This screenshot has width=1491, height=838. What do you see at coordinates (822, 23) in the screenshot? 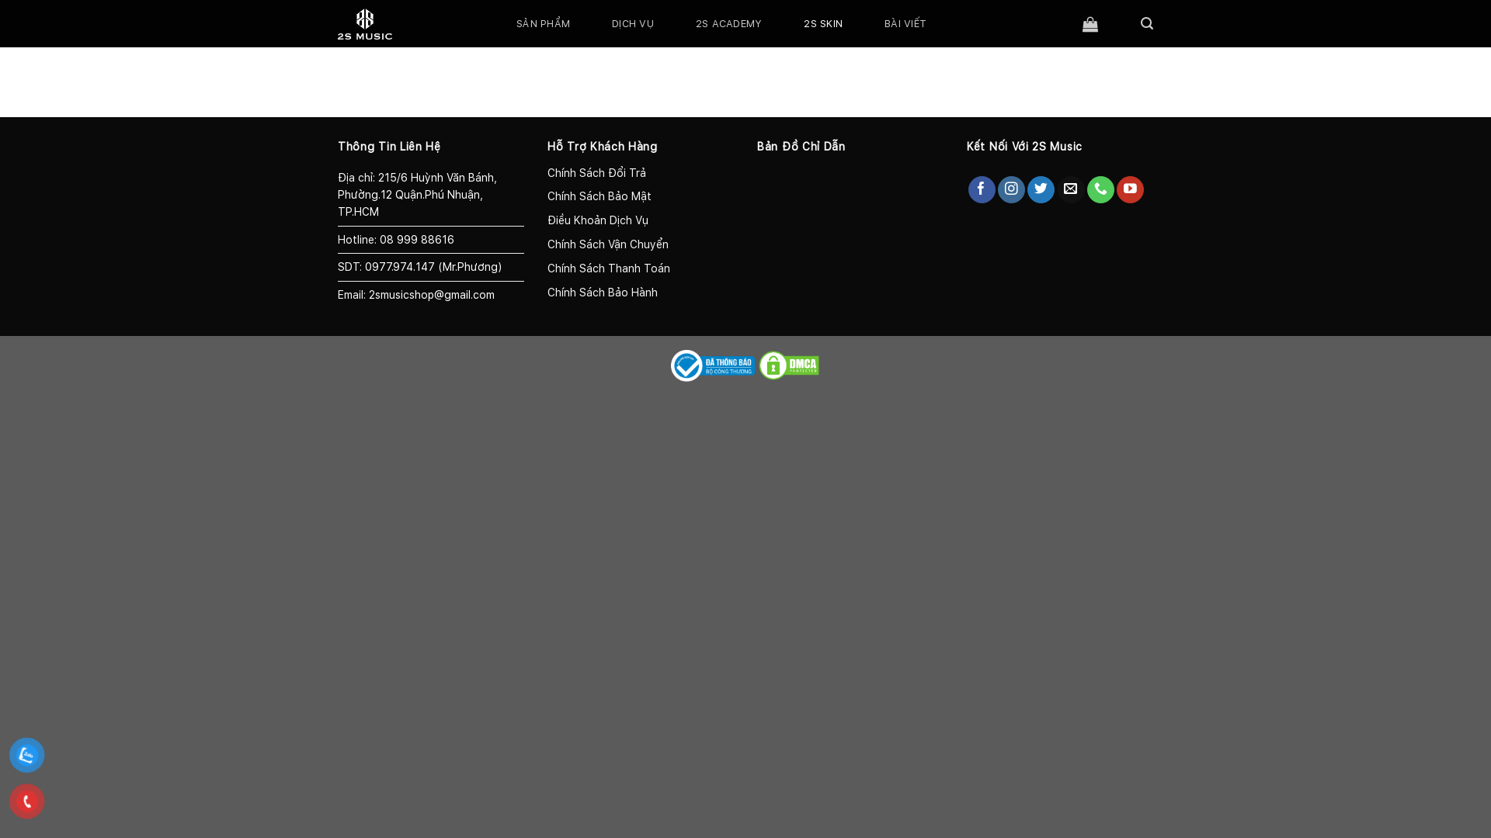
I see `'2S SKIN'` at bounding box center [822, 23].